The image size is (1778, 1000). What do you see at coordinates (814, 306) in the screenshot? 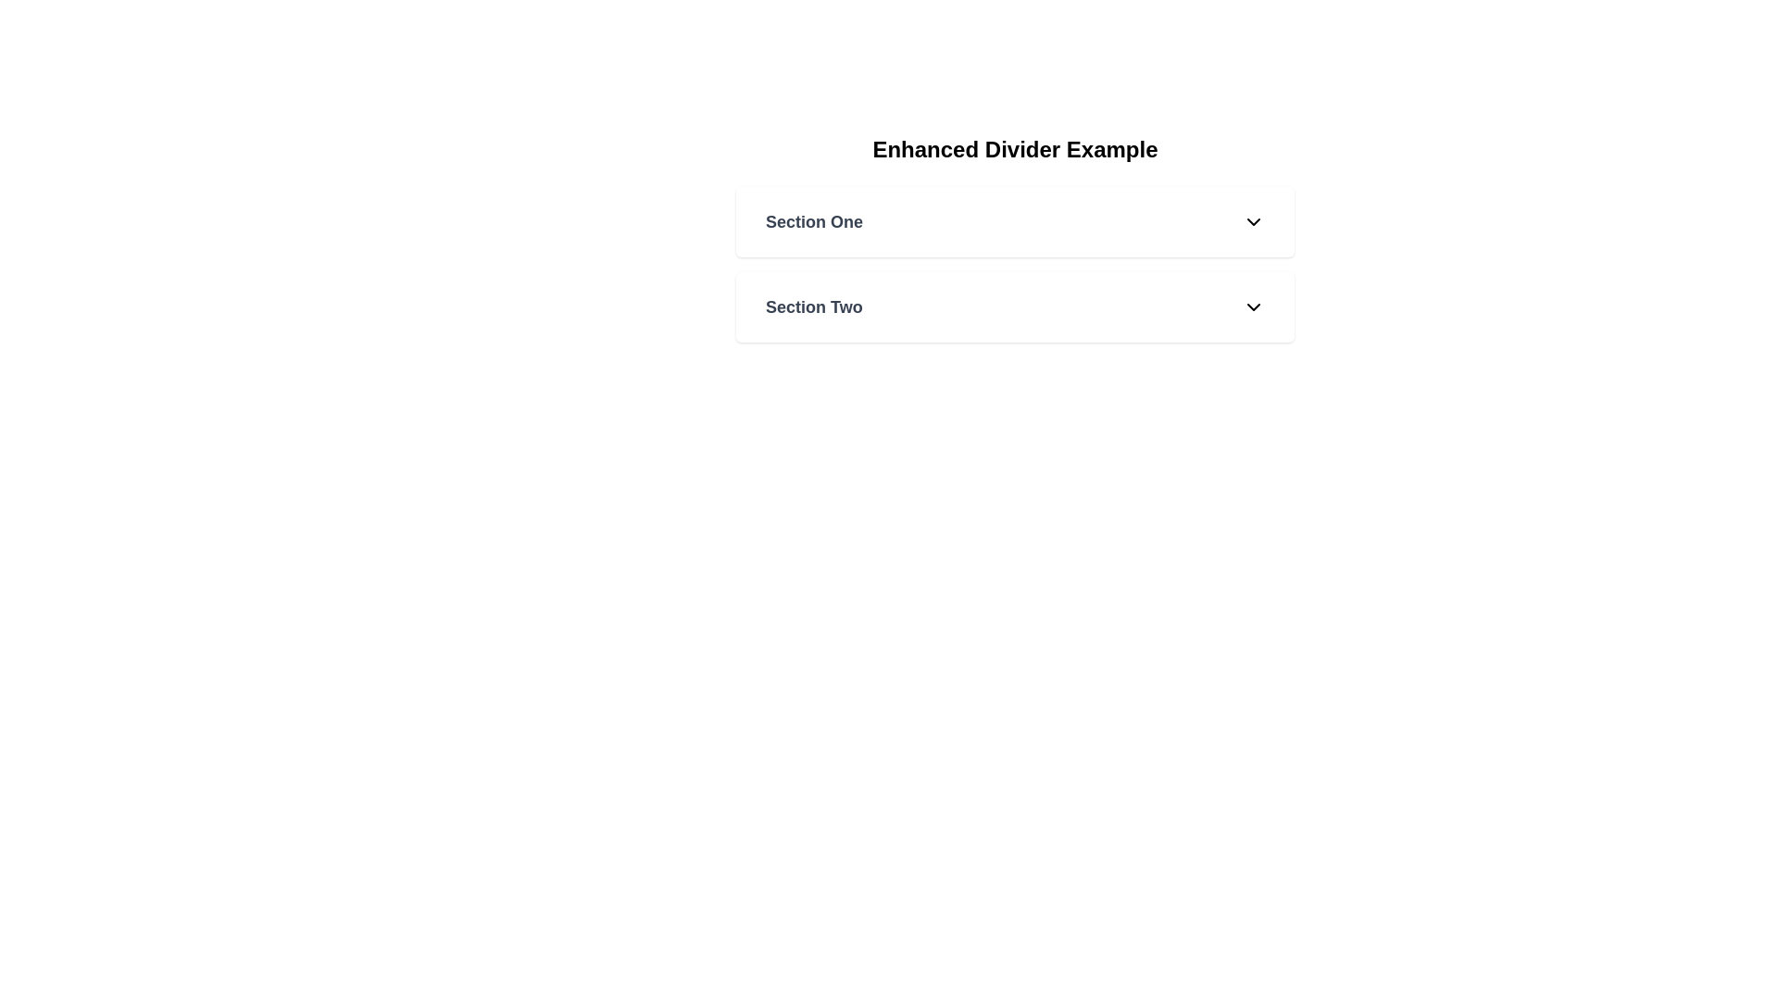
I see `title of the 'Section Two' text label, which indicates the currently selected section in the navigation list` at bounding box center [814, 306].